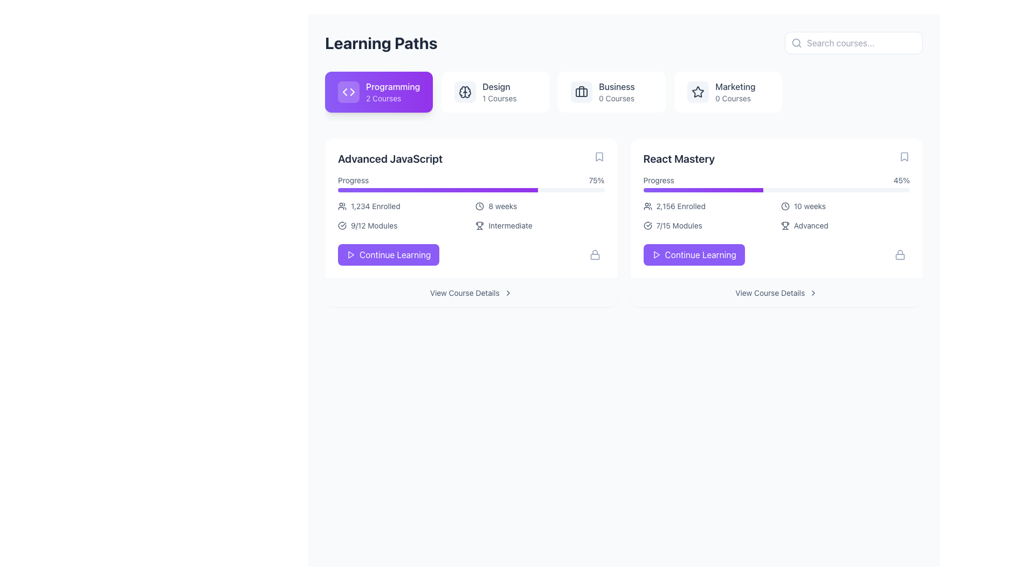 This screenshot has width=1035, height=582. What do you see at coordinates (344, 91) in the screenshot?
I see `the leftward-pointing arrow icon, which is part of a control icon area in the highlighted 'Programming' section, to receive interaction feedback` at bounding box center [344, 91].